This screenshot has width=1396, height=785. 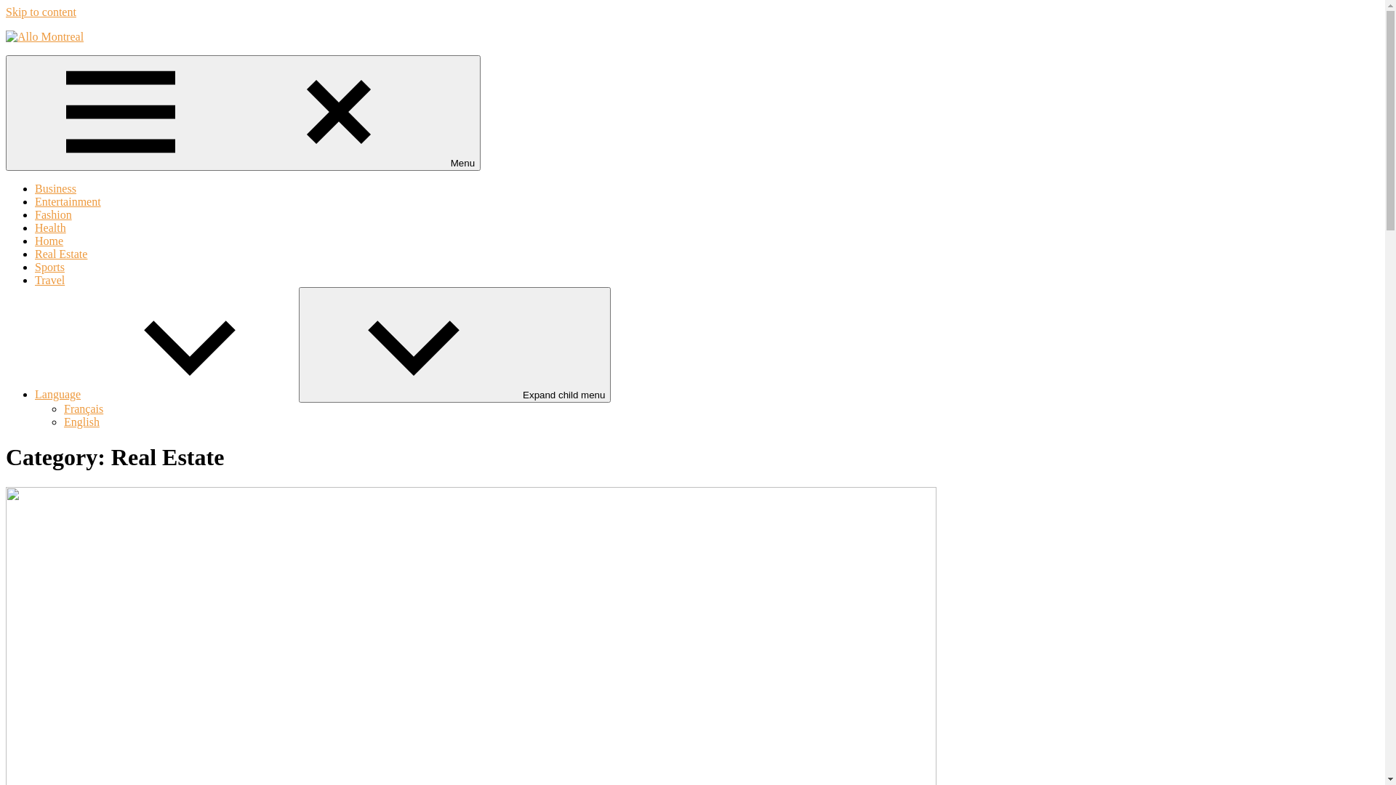 What do you see at coordinates (27, 68) in the screenshot?
I see `'Allo Montreal'` at bounding box center [27, 68].